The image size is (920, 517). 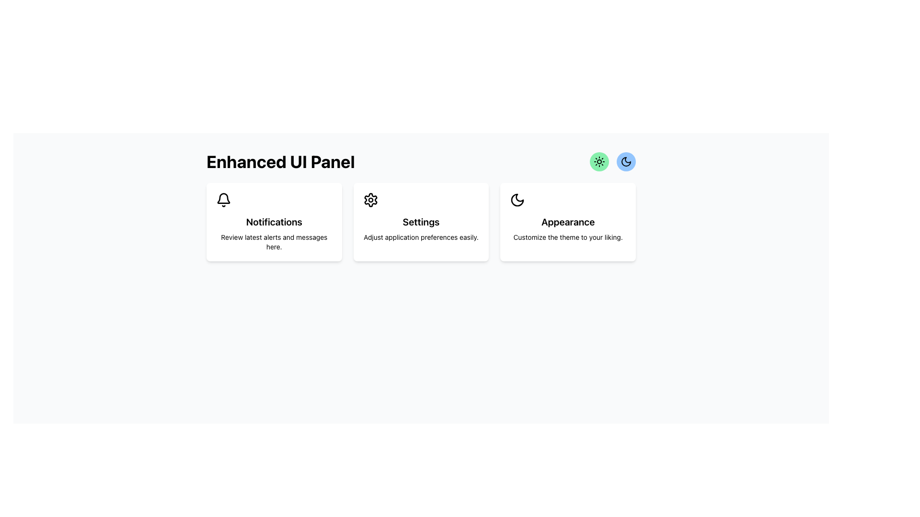 What do you see at coordinates (599, 161) in the screenshot?
I see `the sun-shaped icon embedded within the green circular button` at bounding box center [599, 161].